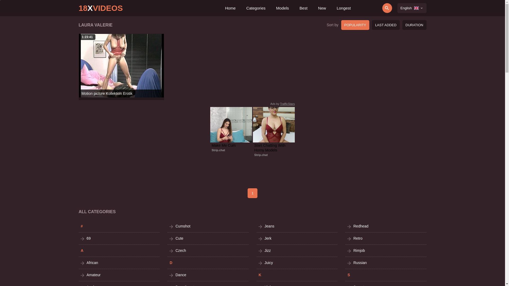 The width and height of the screenshot is (509, 286). What do you see at coordinates (208, 250) in the screenshot?
I see `'Czech'` at bounding box center [208, 250].